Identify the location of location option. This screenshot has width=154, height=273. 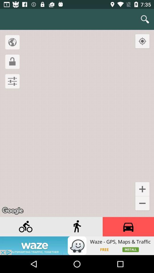
(12, 42).